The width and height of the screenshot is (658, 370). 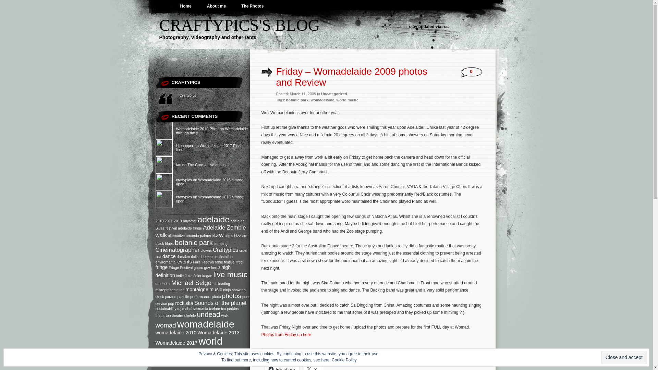 I want to click on 'bizzarre', so click(x=241, y=235).